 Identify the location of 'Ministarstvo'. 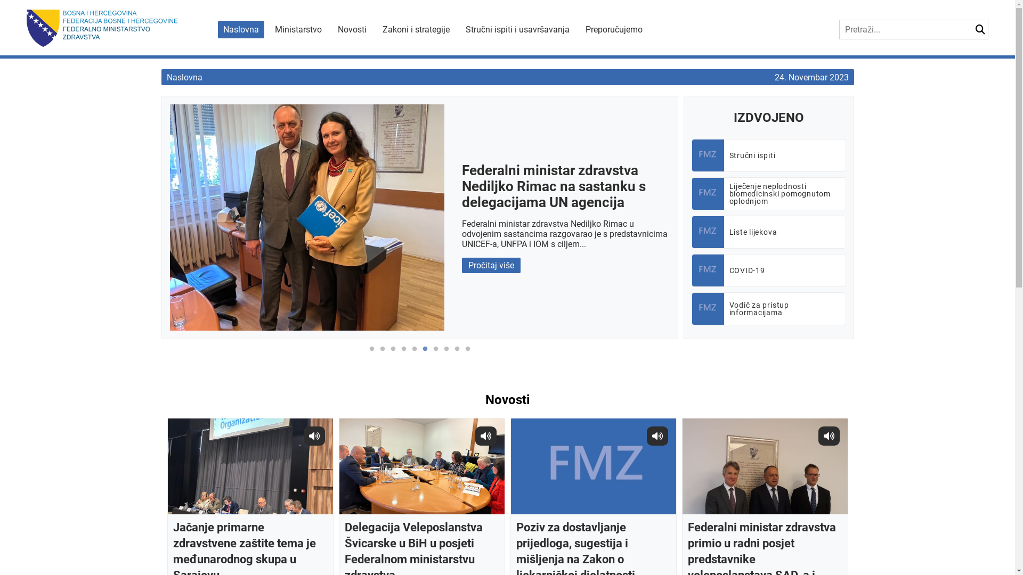
(298, 29).